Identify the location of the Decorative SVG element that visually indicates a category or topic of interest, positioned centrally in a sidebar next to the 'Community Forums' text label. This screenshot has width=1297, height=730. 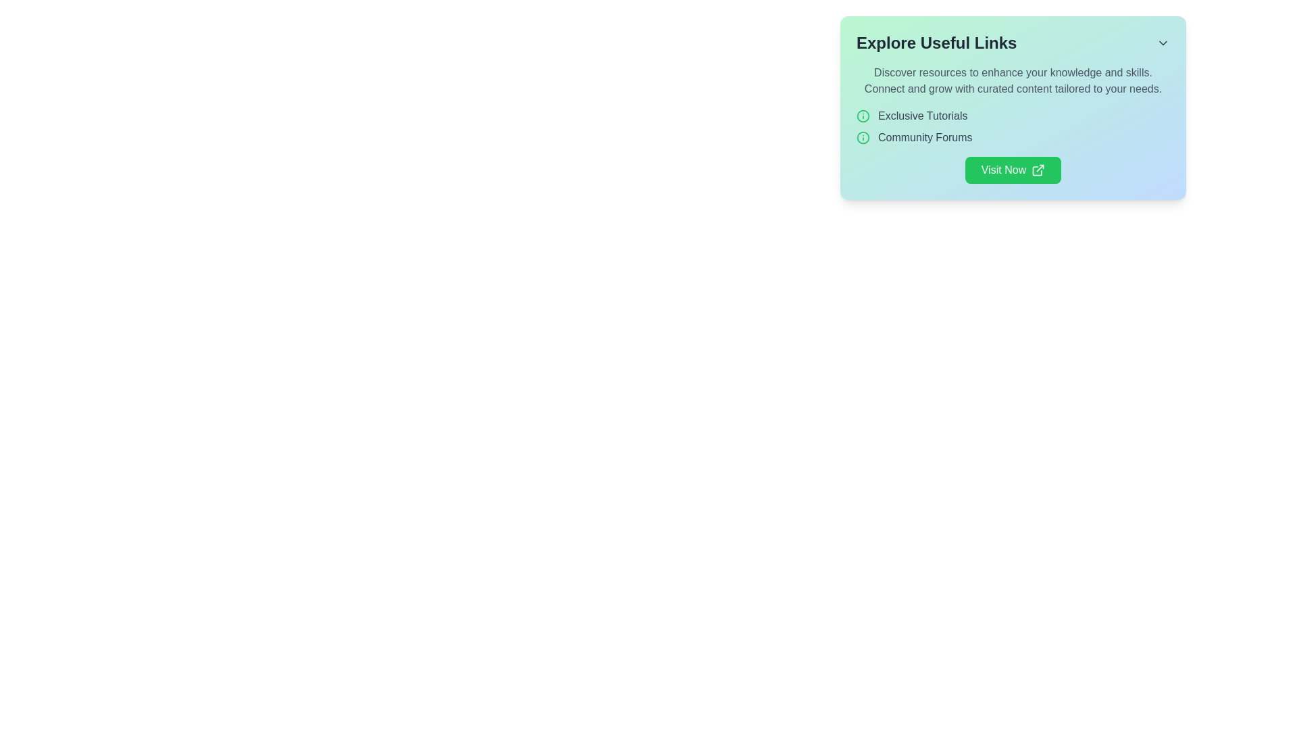
(862, 116).